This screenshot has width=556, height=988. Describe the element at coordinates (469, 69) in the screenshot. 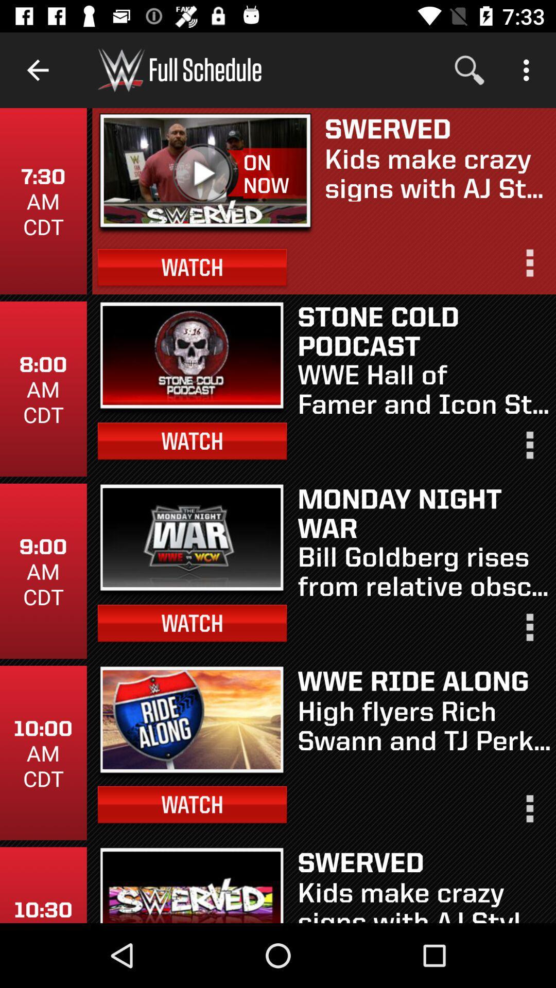

I see `the item to the right of the full schedule item` at that location.